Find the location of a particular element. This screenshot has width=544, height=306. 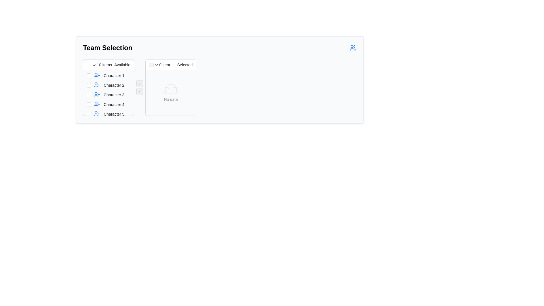

the user profile icon with a plus sign styled in blue, located to the left of 'Character 1' in the 'Team Selection' section is located at coordinates (97, 75).